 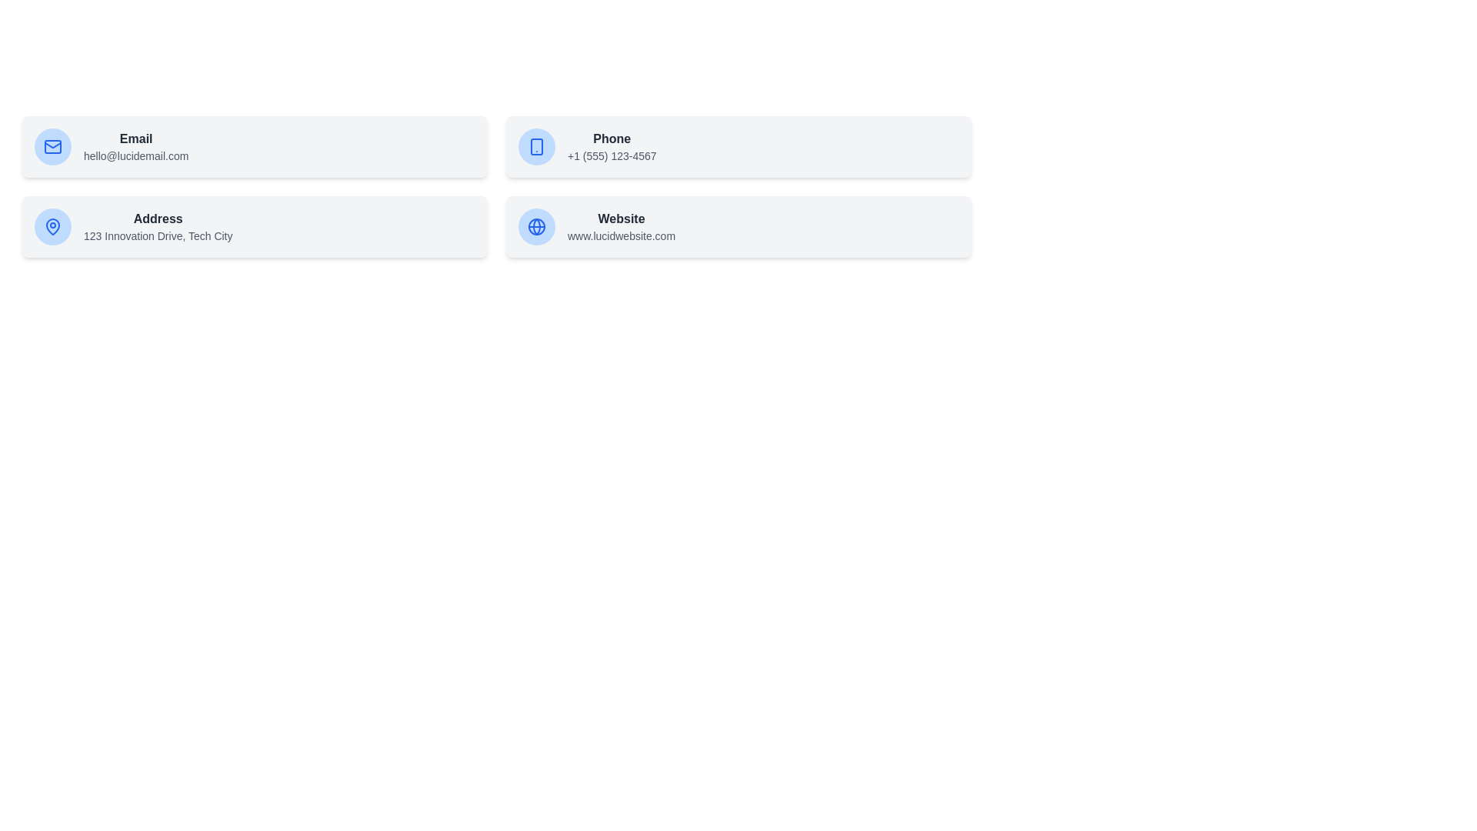 I want to click on the 'Website' text label, which is displayed in bold dark gray font and is positioned above the URL 'www.lucidwebsite.com', so click(x=621, y=219).